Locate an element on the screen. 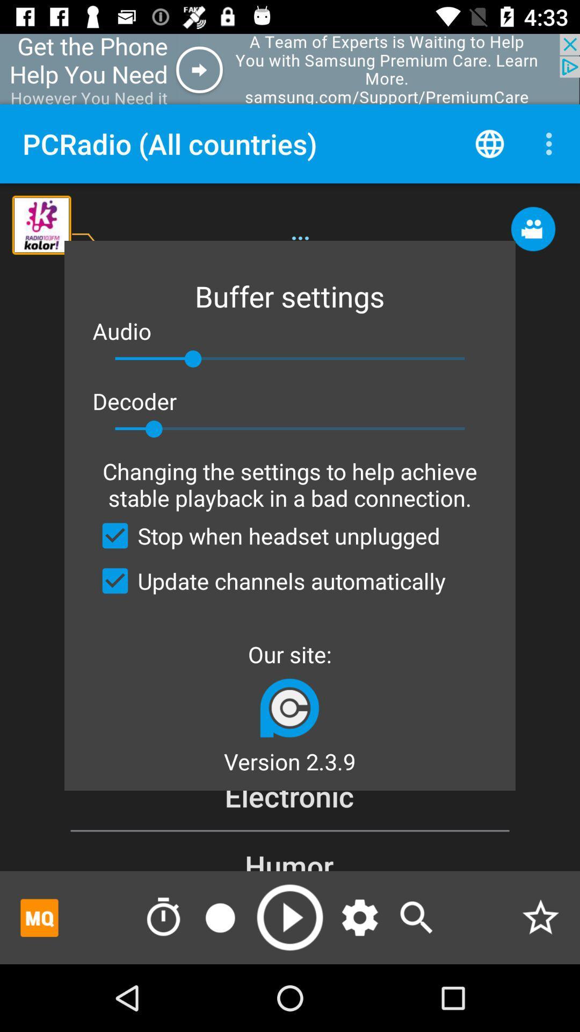 This screenshot has height=1032, width=580. update channels automatically item is located at coordinates (269, 580).